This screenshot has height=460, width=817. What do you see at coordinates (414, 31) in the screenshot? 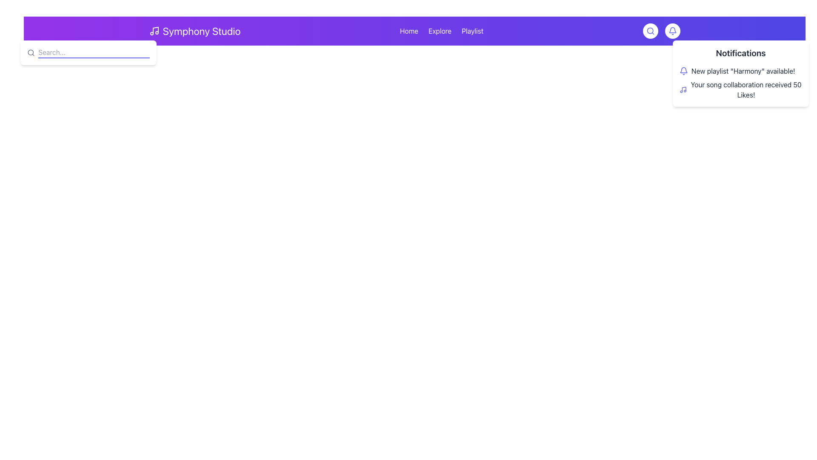
I see `the navigation link in the header bar` at bounding box center [414, 31].